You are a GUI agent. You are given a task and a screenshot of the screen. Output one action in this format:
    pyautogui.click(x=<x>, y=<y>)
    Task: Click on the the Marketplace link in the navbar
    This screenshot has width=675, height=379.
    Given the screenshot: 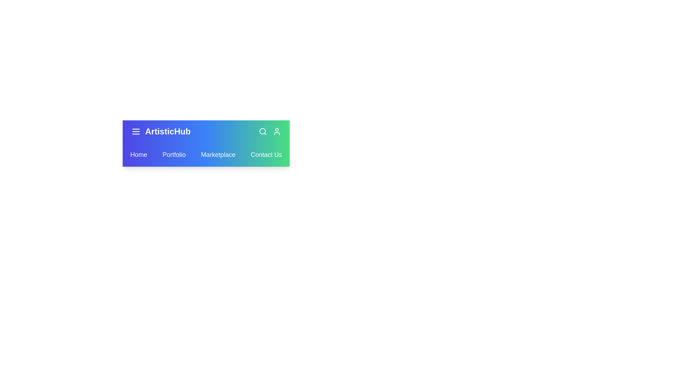 What is the action you would take?
    pyautogui.click(x=217, y=154)
    